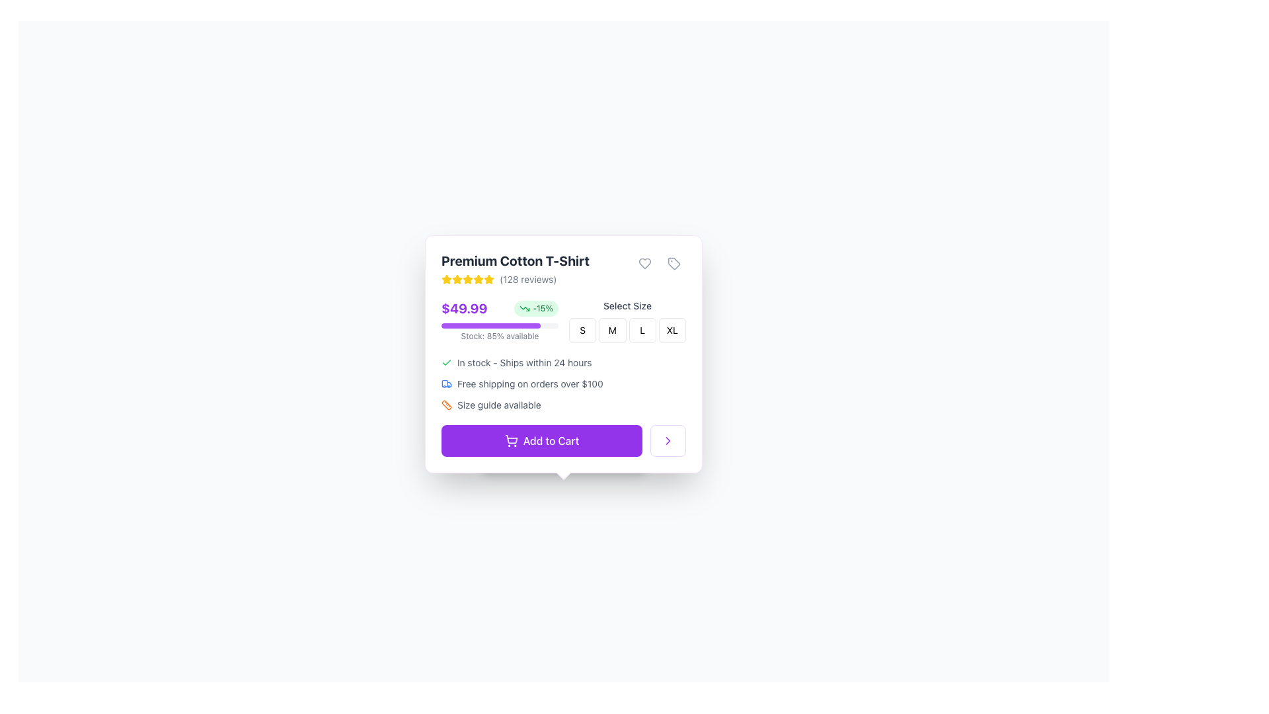  Describe the element at coordinates (551, 441) in the screenshot. I see `the 'Add to Cart' text label which is styled with medium font weight and is situated on a button located near the bottom-center area of the interface` at that location.